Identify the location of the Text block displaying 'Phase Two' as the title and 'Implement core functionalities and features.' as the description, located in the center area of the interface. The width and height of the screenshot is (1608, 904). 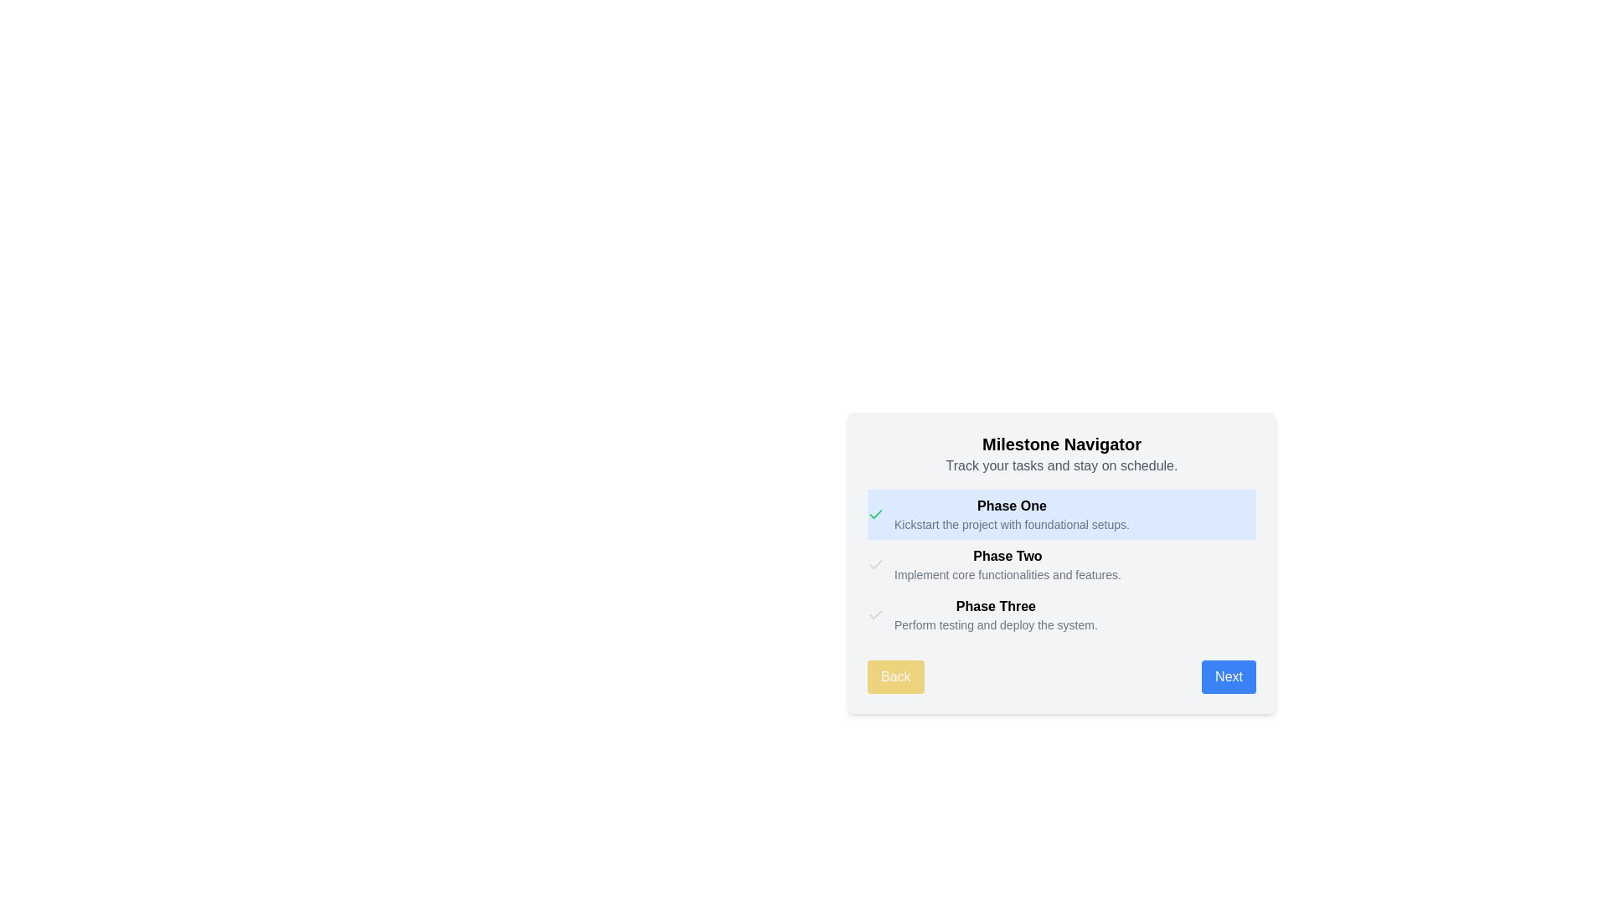
(1007, 565).